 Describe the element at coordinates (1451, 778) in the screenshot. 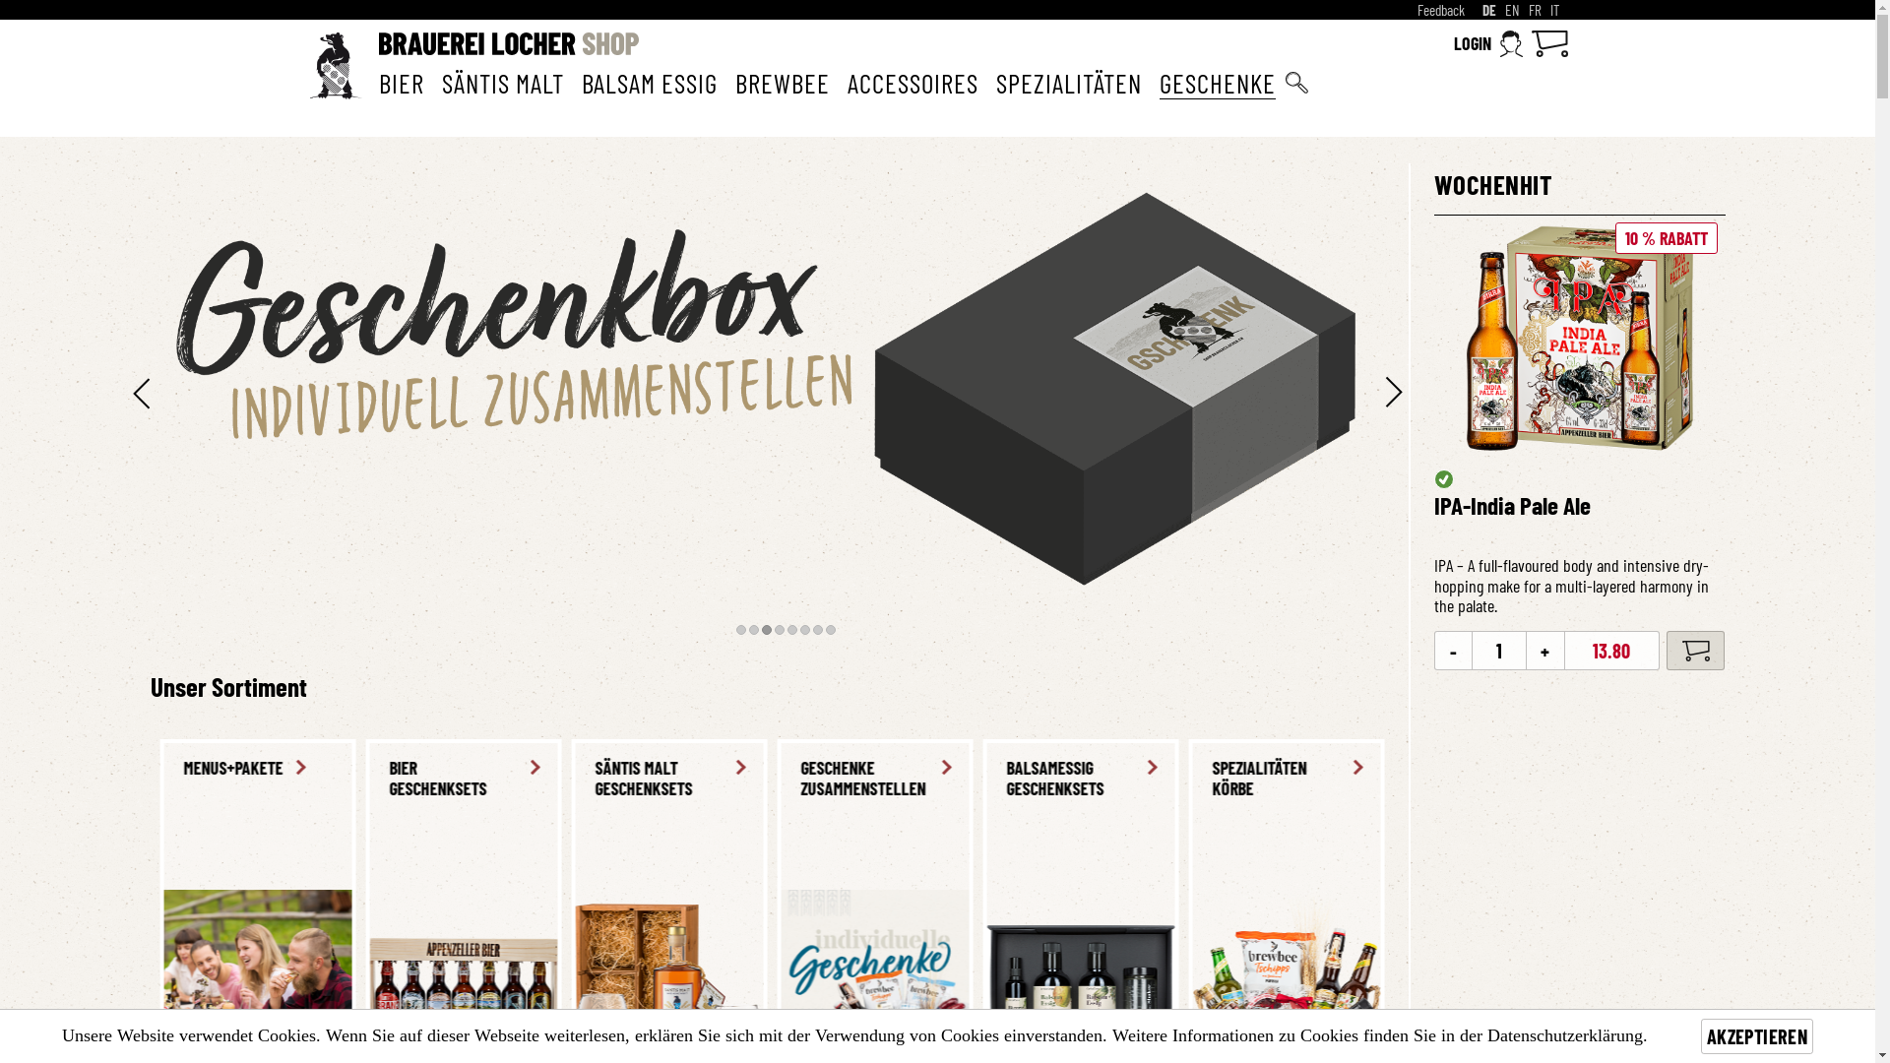

I see `'BIER GESCHENKSETS'` at that location.